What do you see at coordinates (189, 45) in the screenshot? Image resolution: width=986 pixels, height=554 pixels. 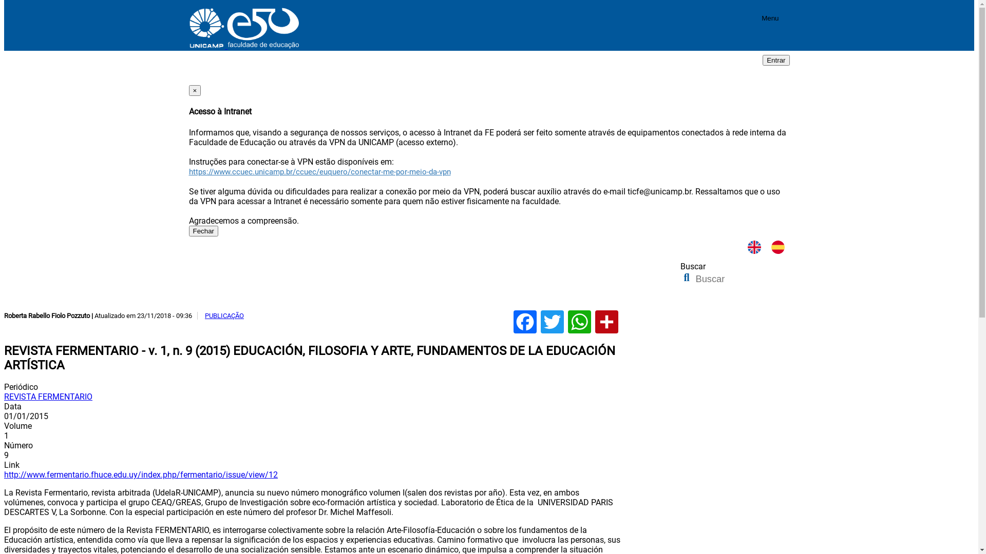 I see `'UNICAMP'` at bounding box center [189, 45].